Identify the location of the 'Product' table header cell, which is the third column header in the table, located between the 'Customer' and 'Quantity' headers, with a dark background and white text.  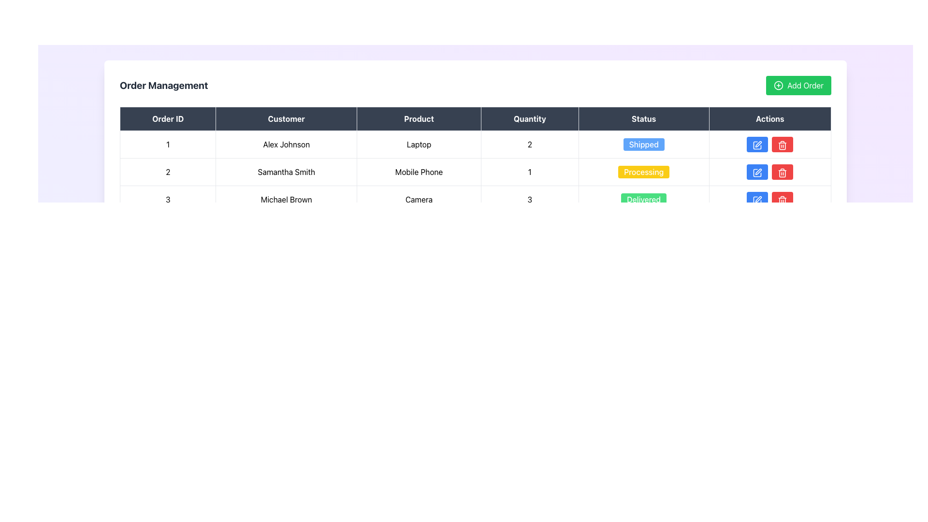
(419, 118).